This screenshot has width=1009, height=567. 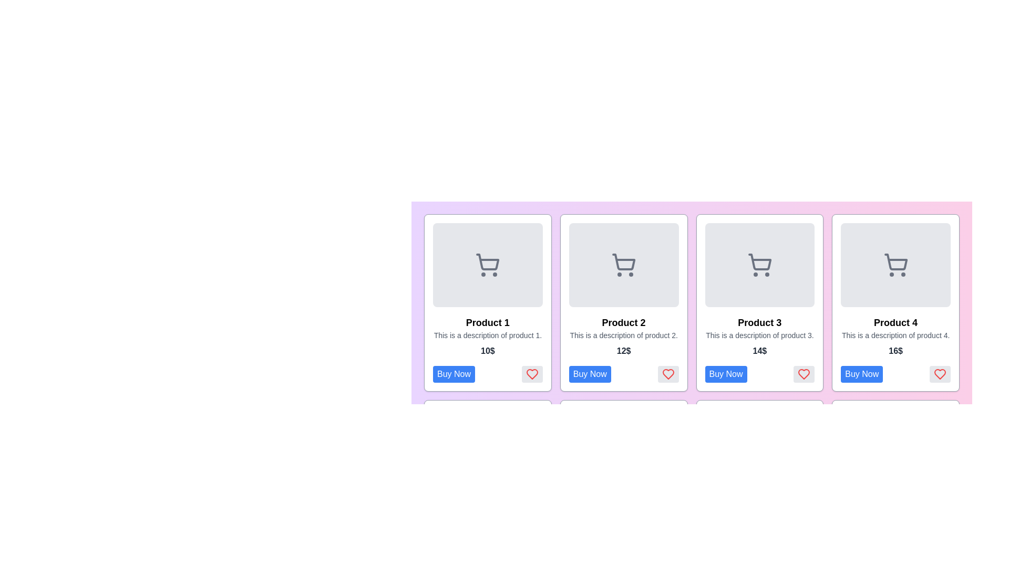 I want to click on the blue 'Buy Now' button with rounded corners located below the product description and price of 'Product 3', so click(x=725, y=374).